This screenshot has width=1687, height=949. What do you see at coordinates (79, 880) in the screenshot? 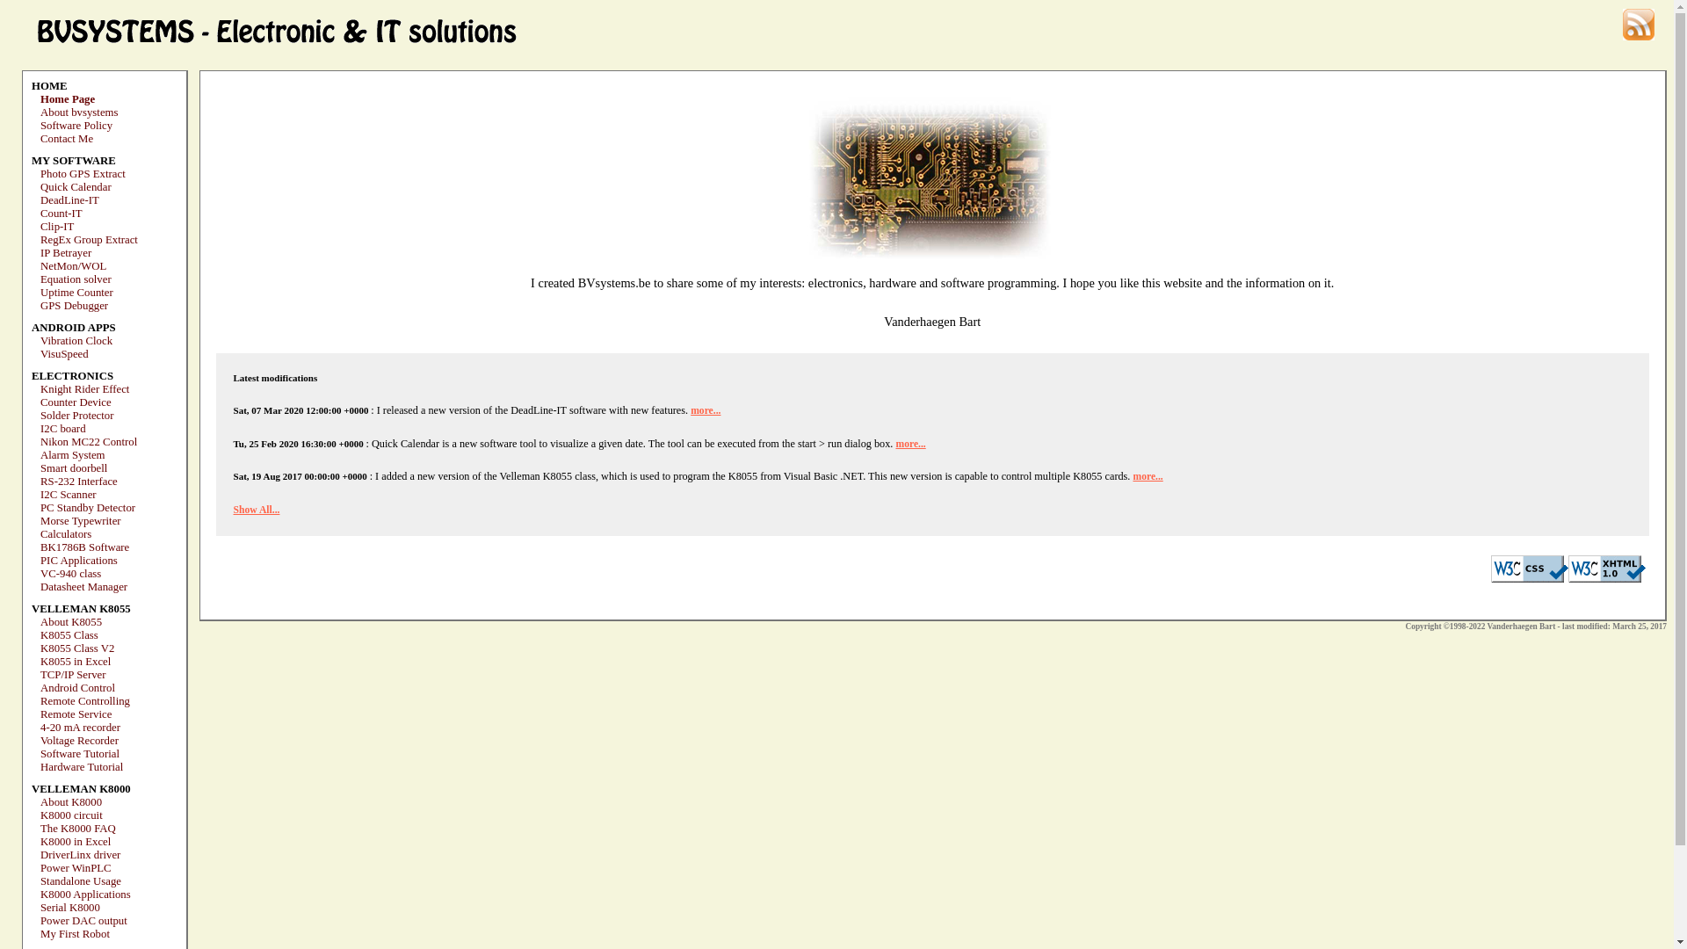
I see `'Standalone Usage'` at bounding box center [79, 880].